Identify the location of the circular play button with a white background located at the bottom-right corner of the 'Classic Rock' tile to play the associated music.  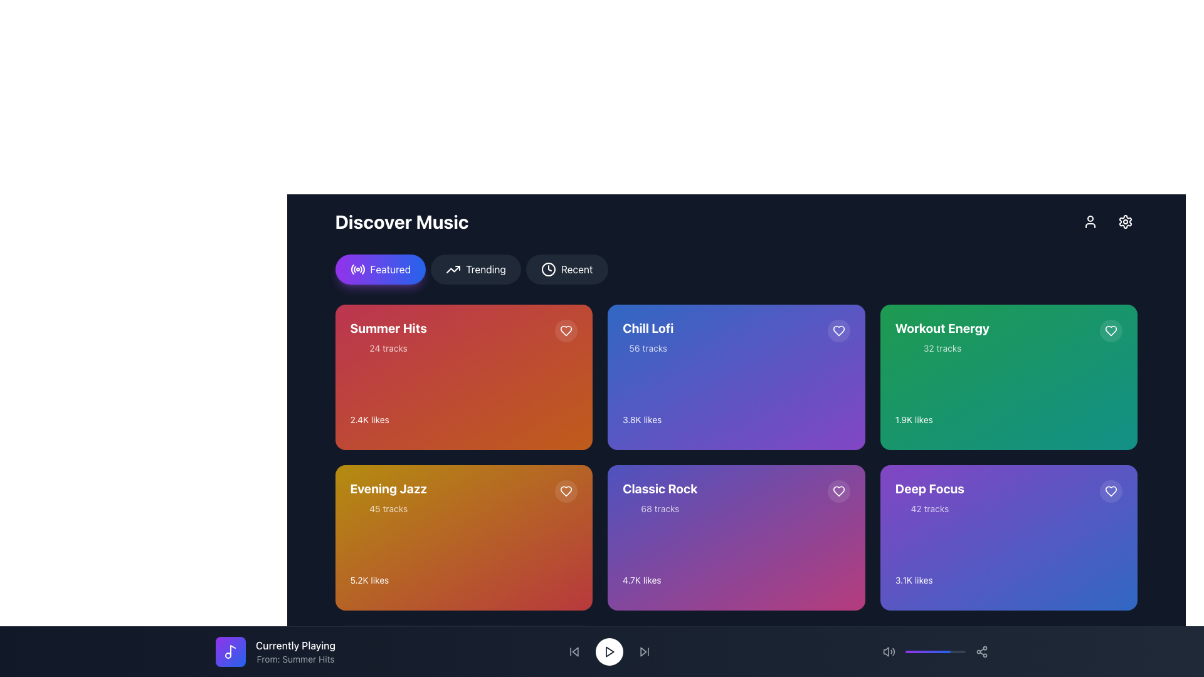
(835, 599).